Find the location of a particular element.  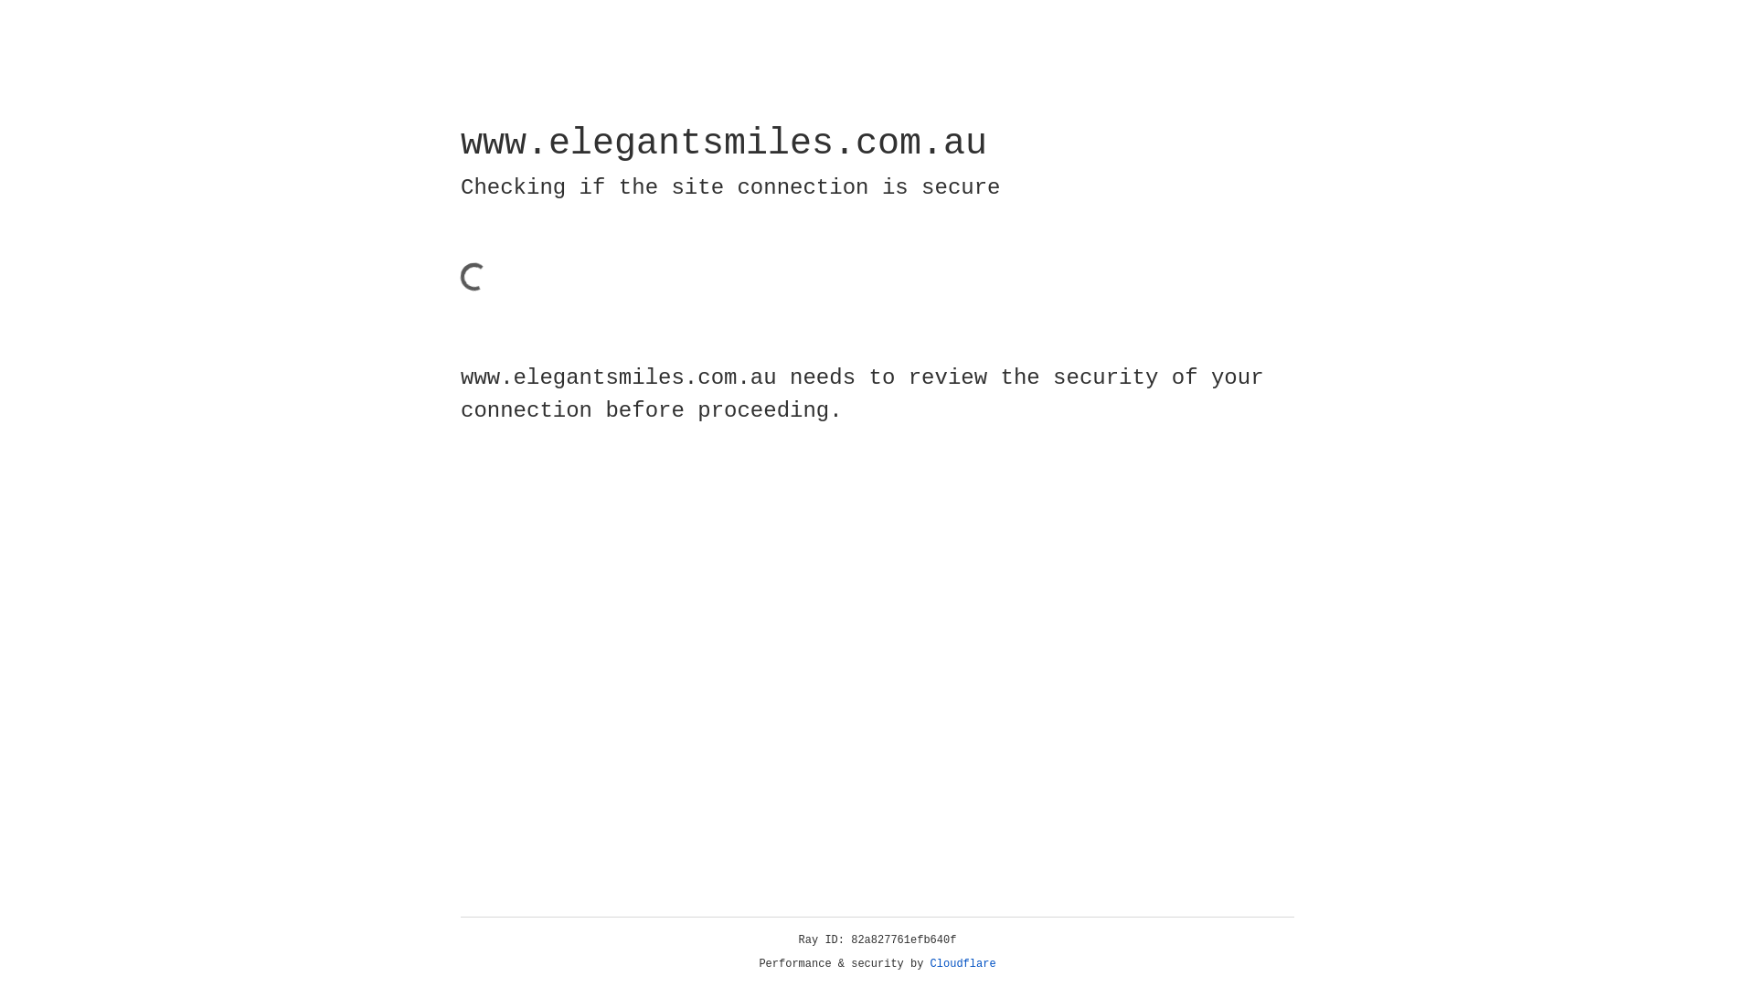

'Cloudflare' is located at coordinates (930, 963).